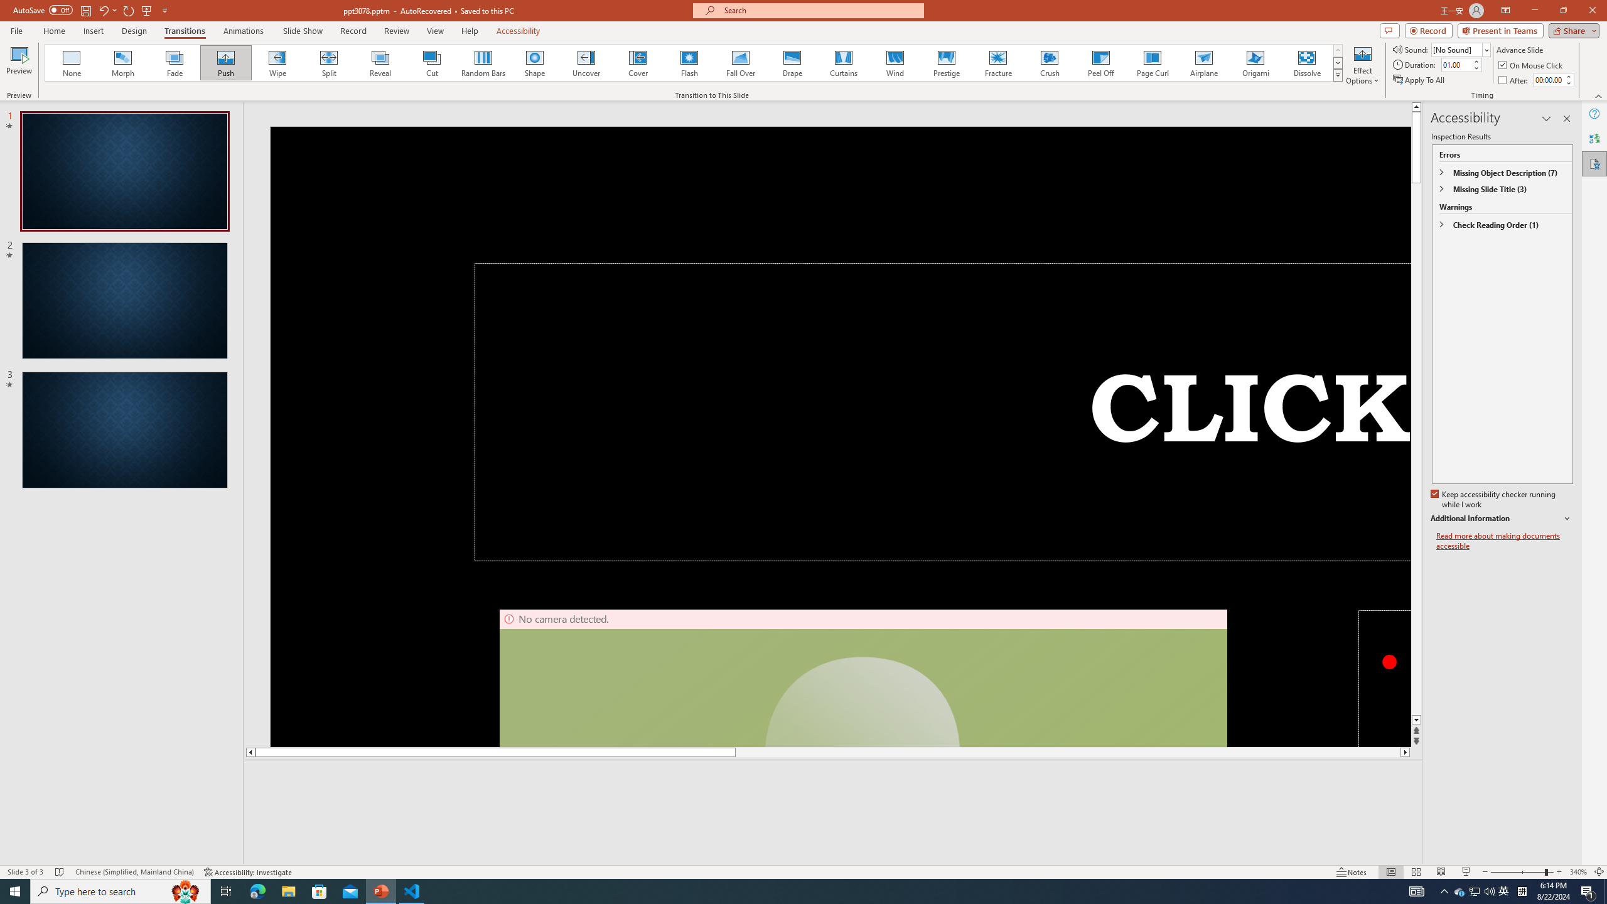  Describe the element at coordinates (1254, 62) in the screenshot. I see `'Origami'` at that location.